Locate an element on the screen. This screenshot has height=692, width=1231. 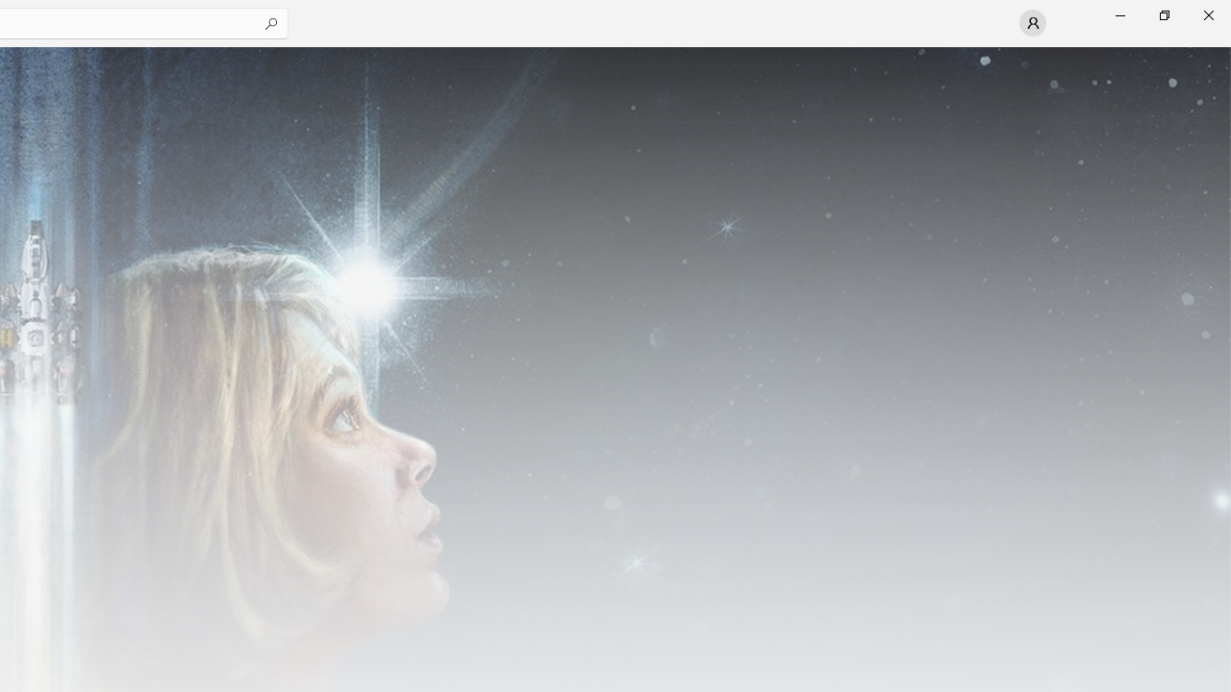
'Close Microsoft Store' is located at coordinates (1207, 14).